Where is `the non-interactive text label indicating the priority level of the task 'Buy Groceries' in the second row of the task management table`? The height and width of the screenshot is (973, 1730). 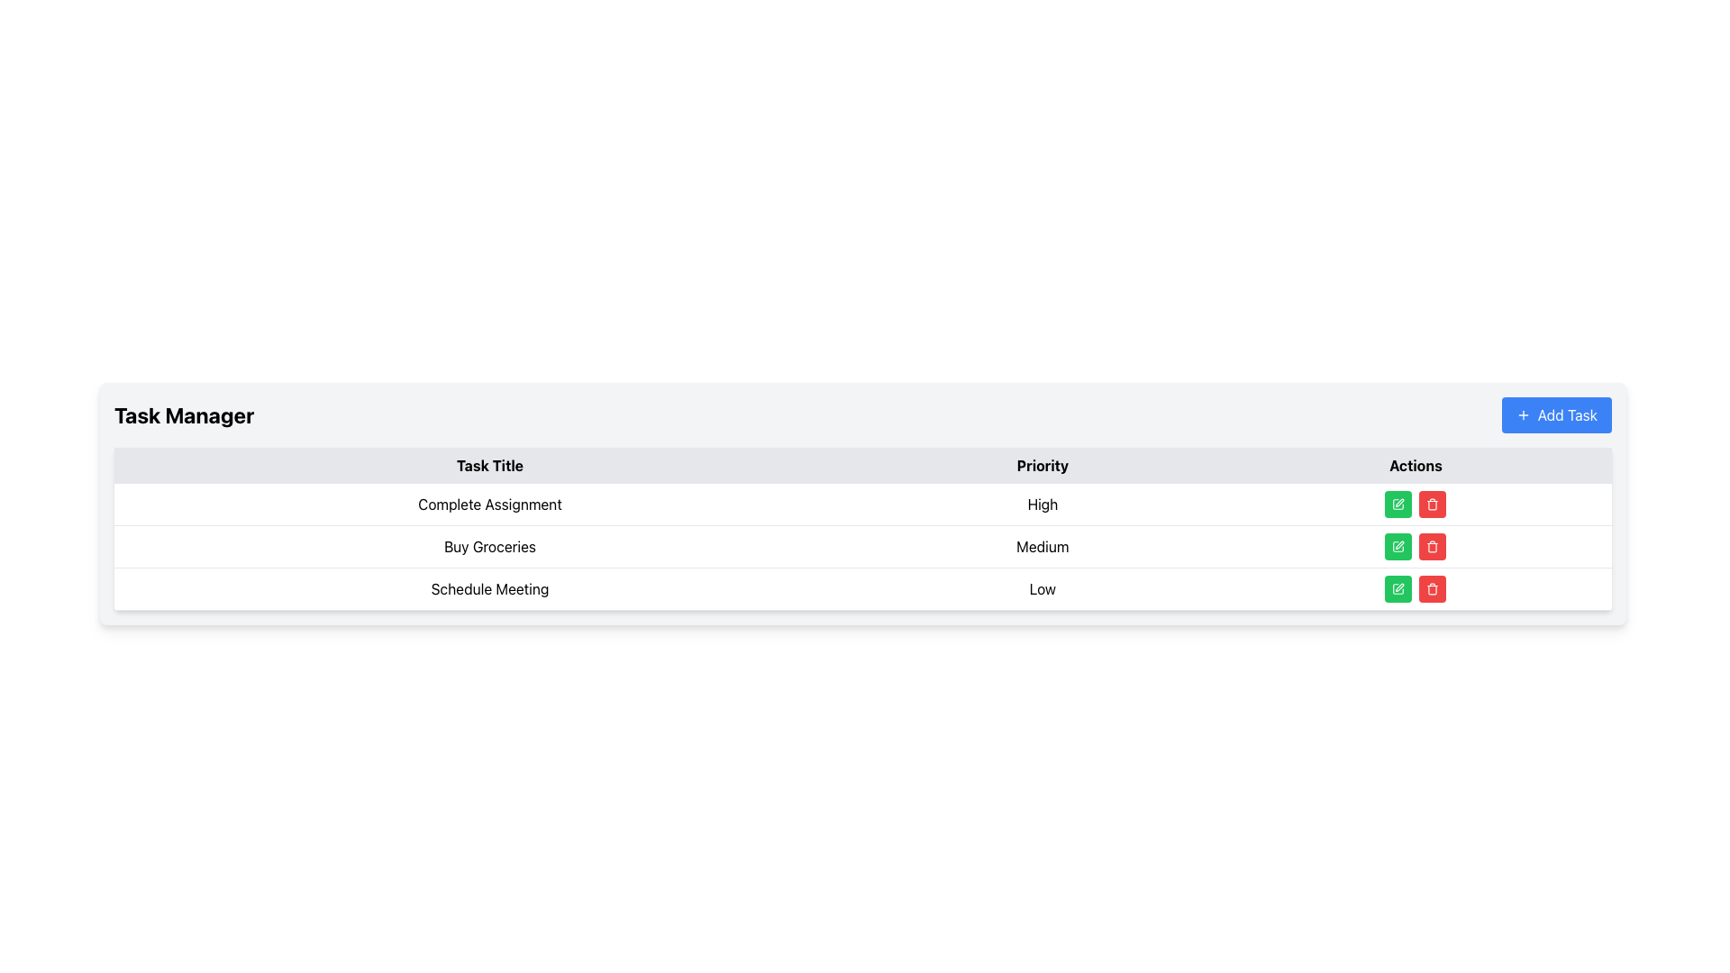
the non-interactive text label indicating the priority level of the task 'Buy Groceries' in the second row of the task management table is located at coordinates (1043, 545).